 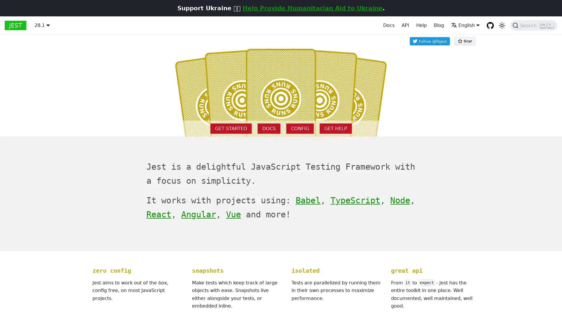 What do you see at coordinates (534, 25) in the screenshot?
I see `Search` at bounding box center [534, 25].